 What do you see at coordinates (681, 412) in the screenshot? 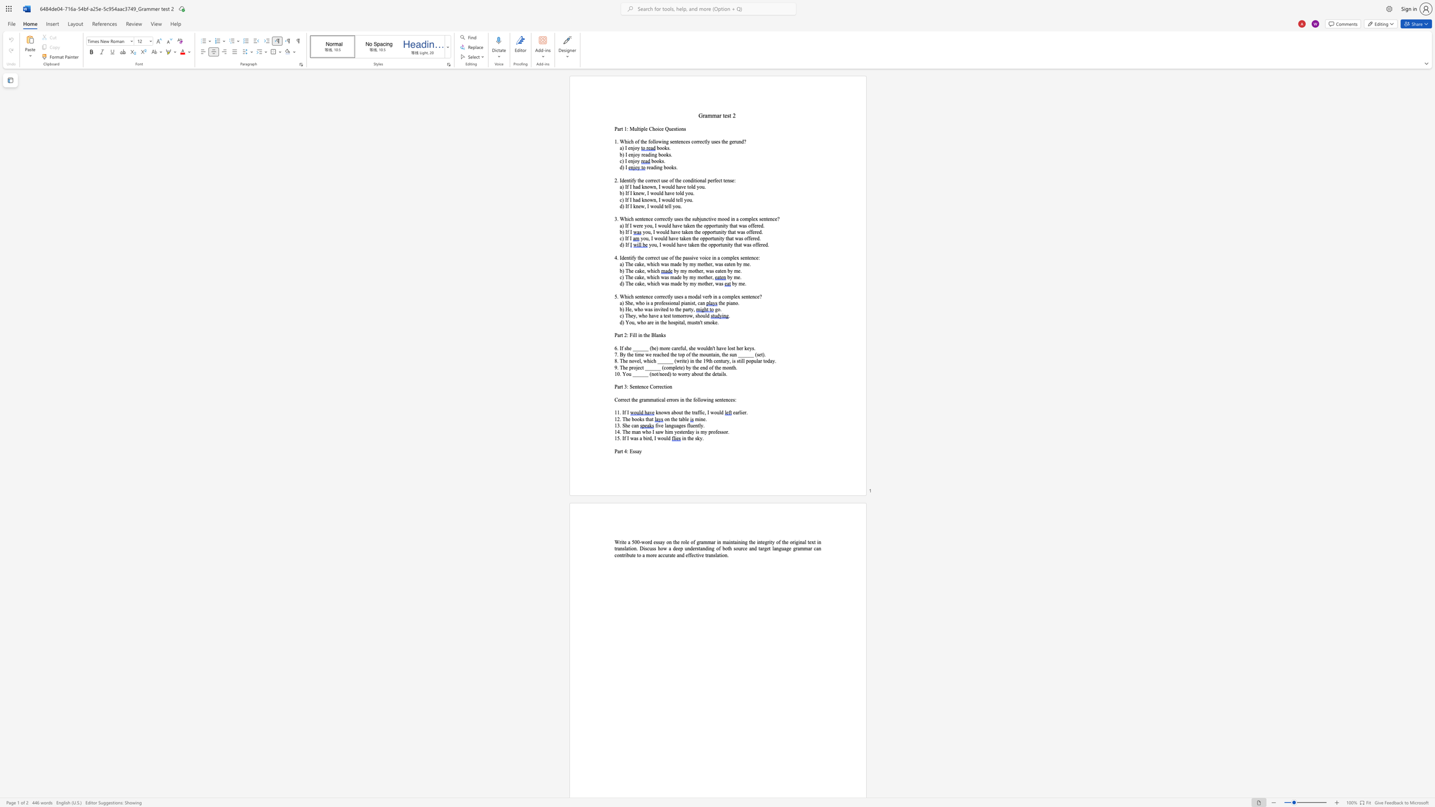
I see `the subset text "t t" within the text "known about the traffic, I would"` at bounding box center [681, 412].